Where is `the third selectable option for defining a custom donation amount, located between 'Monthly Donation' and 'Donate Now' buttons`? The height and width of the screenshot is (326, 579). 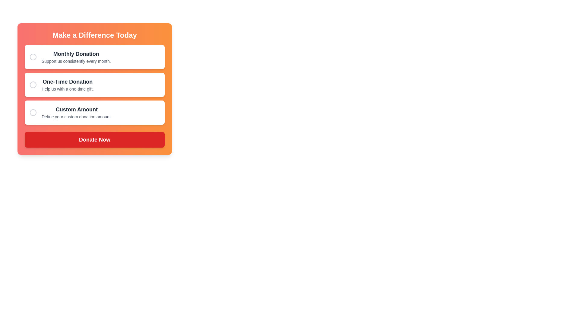 the third selectable option for defining a custom donation amount, located between 'Monthly Donation' and 'Donate Now' buttons is located at coordinates (76, 113).